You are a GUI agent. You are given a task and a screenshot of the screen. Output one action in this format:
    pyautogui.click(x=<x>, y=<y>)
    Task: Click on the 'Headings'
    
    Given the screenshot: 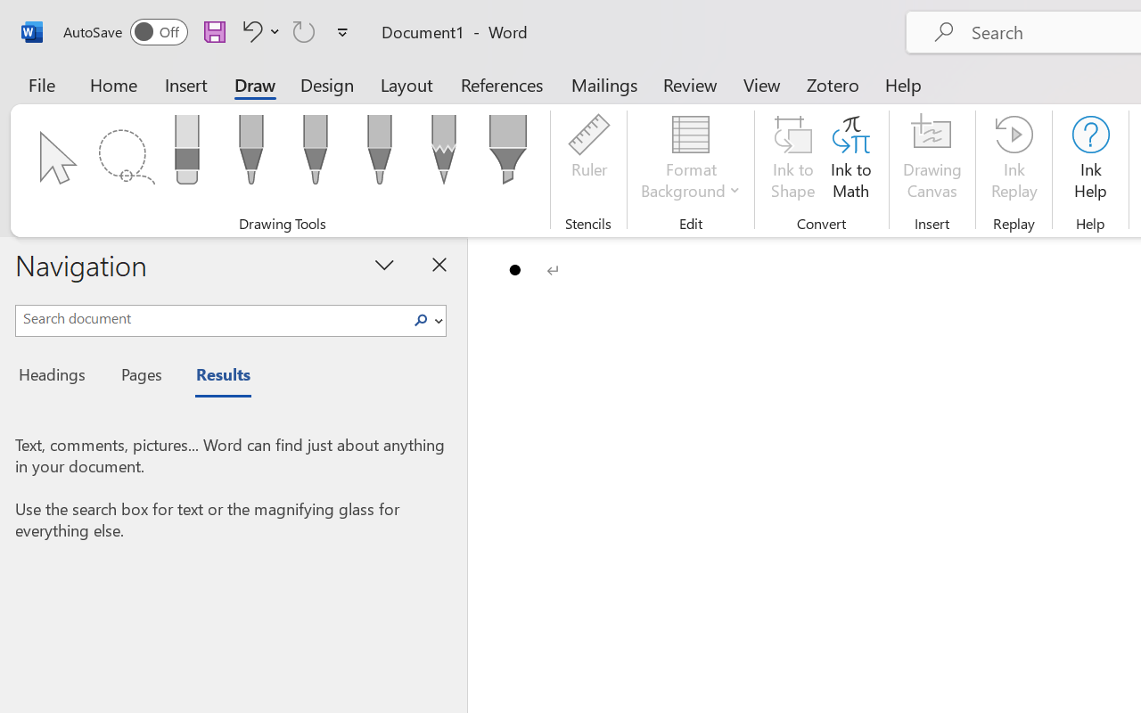 What is the action you would take?
    pyautogui.click(x=58, y=377)
    